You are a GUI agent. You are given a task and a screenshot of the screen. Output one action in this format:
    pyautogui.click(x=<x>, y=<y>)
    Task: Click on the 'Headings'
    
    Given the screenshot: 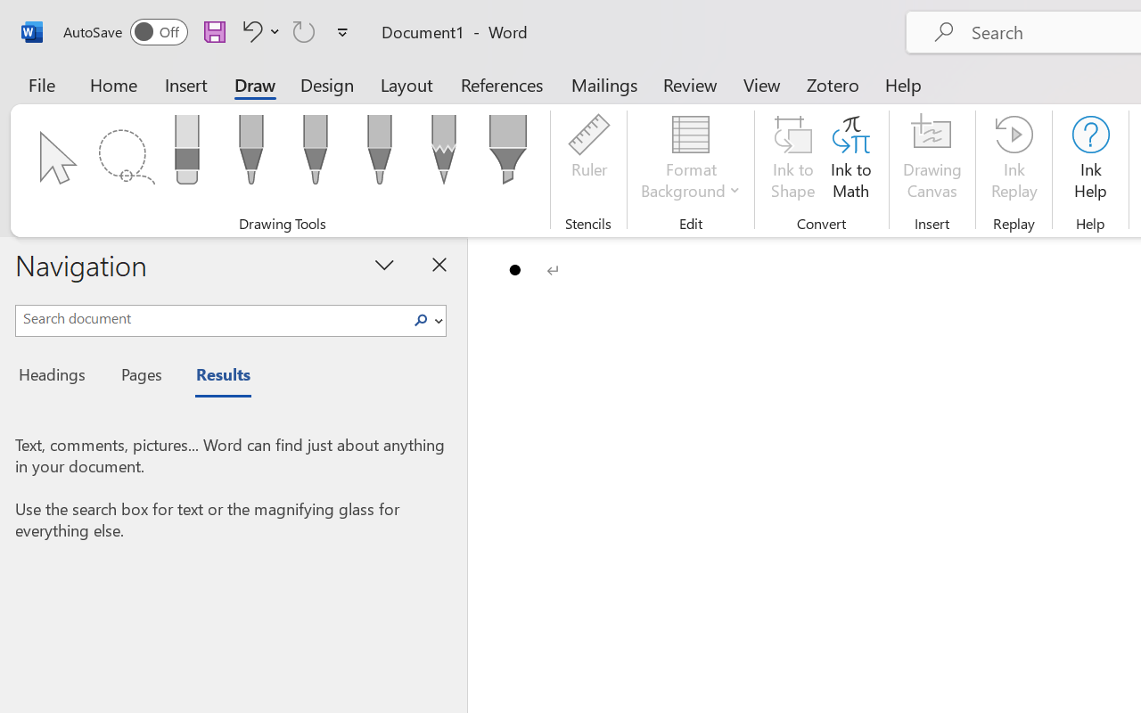 What is the action you would take?
    pyautogui.click(x=58, y=377)
    